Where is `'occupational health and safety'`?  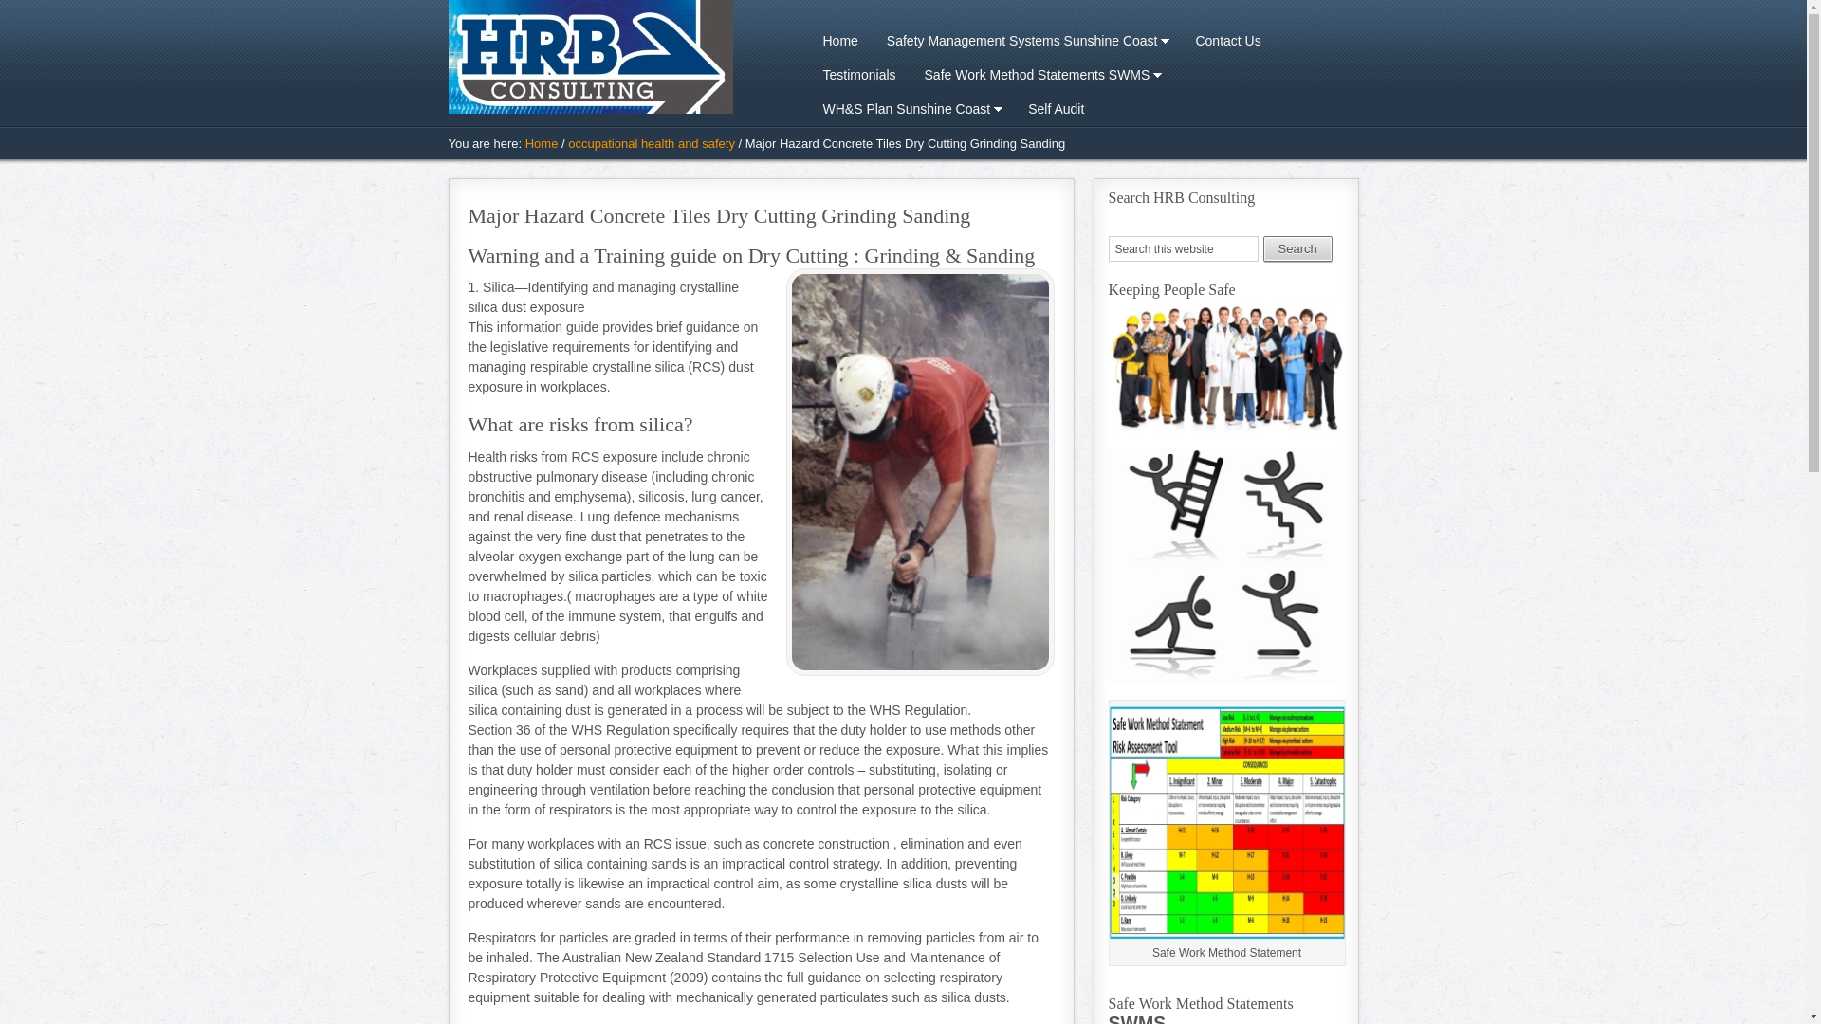 'occupational health and safety' is located at coordinates (567, 142).